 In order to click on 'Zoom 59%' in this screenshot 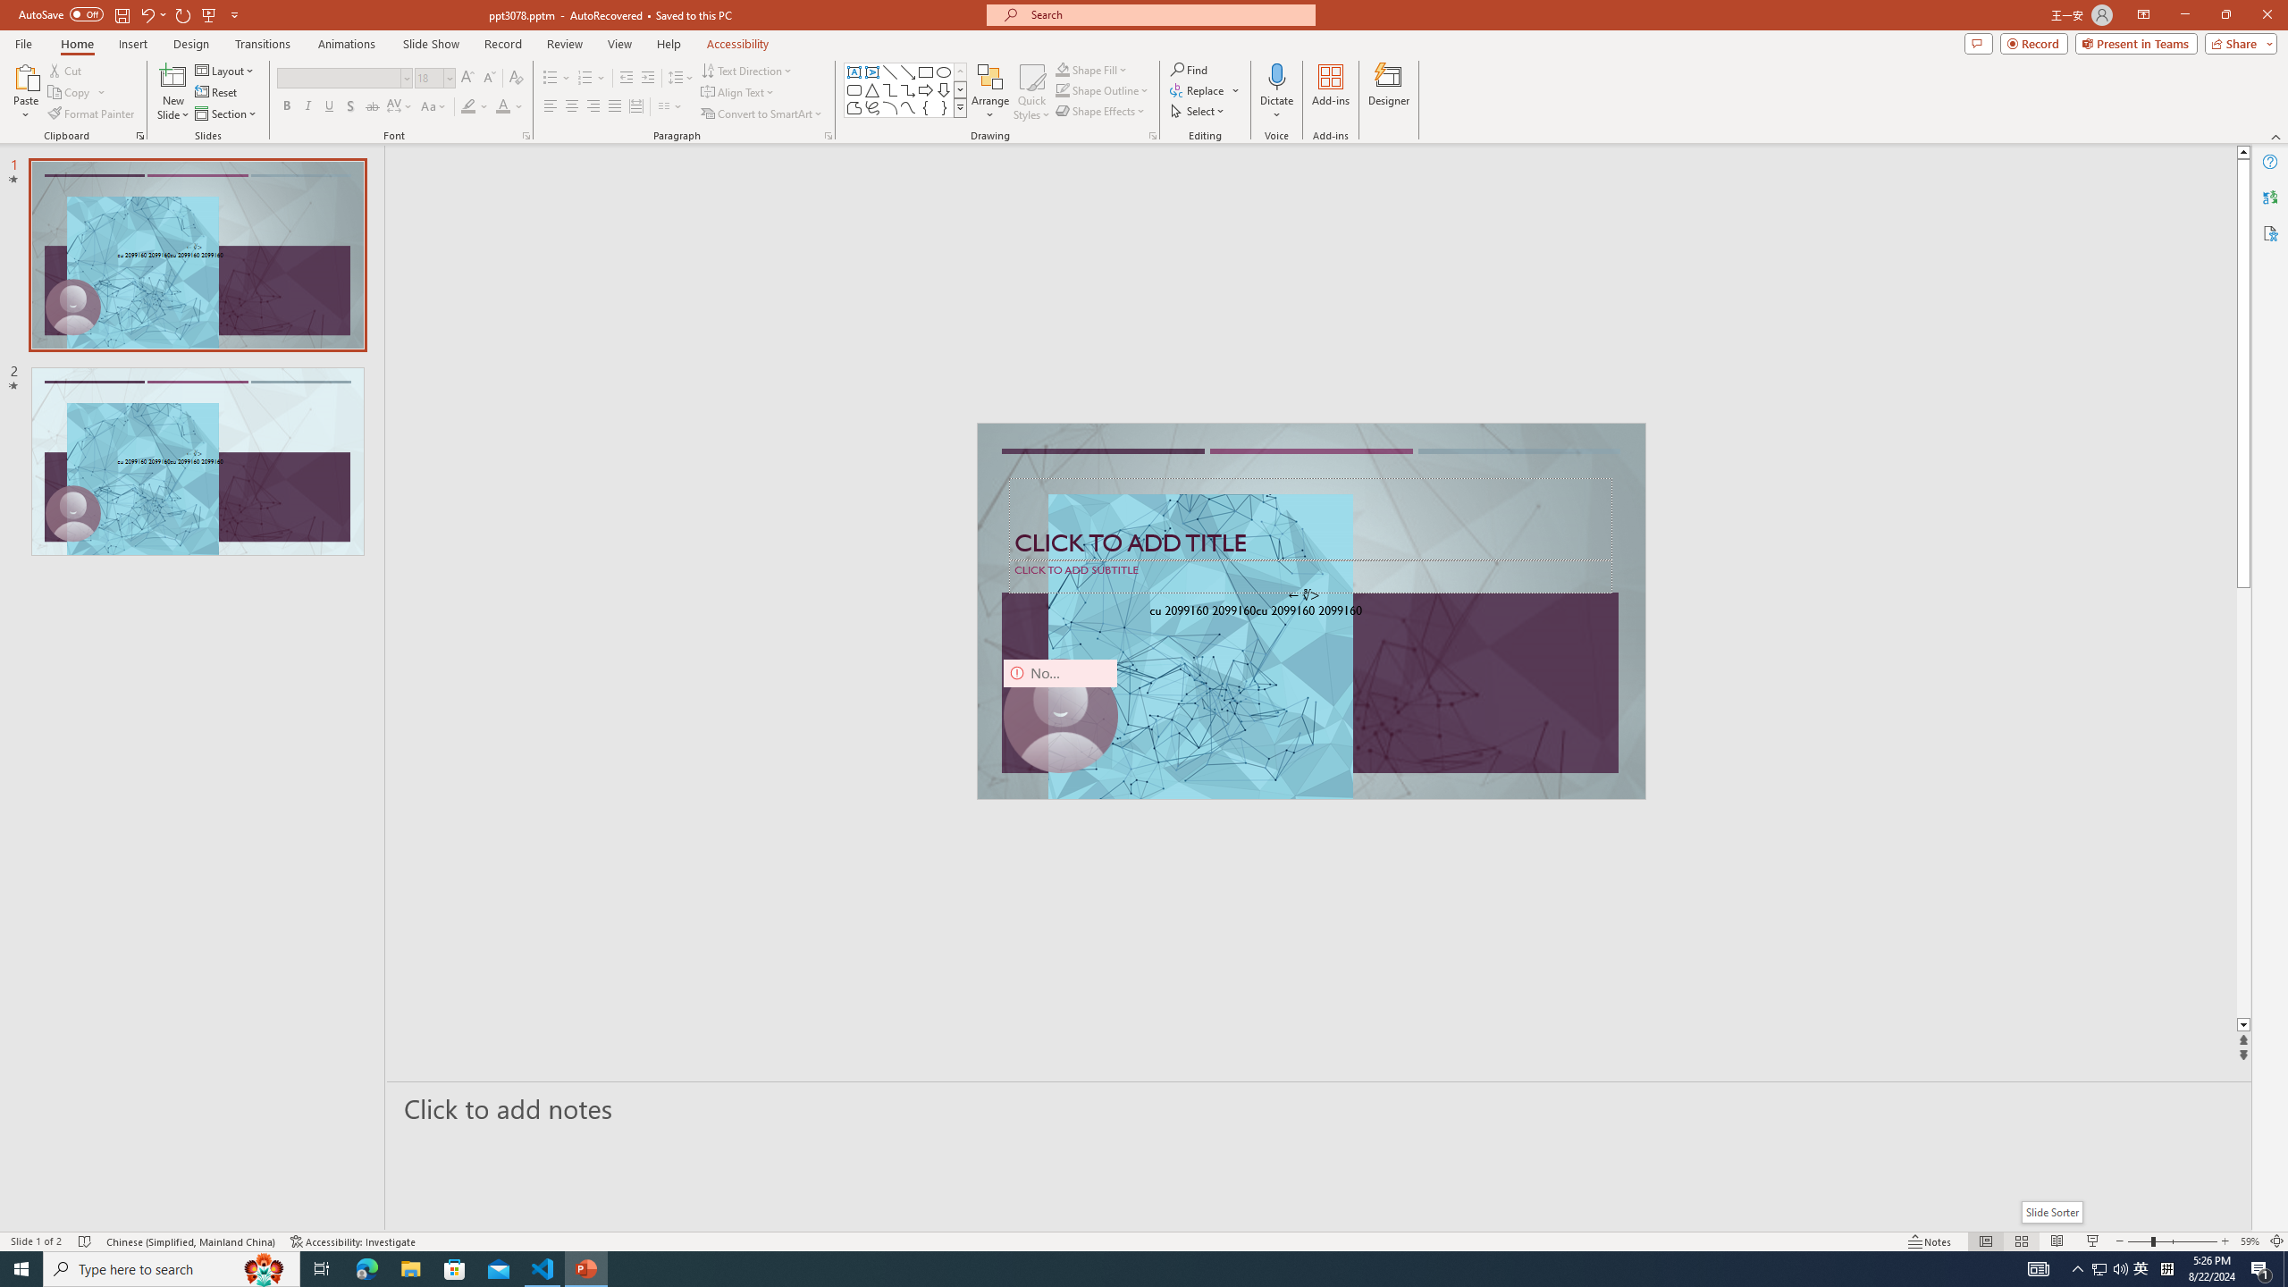, I will do `click(2249, 1241)`.